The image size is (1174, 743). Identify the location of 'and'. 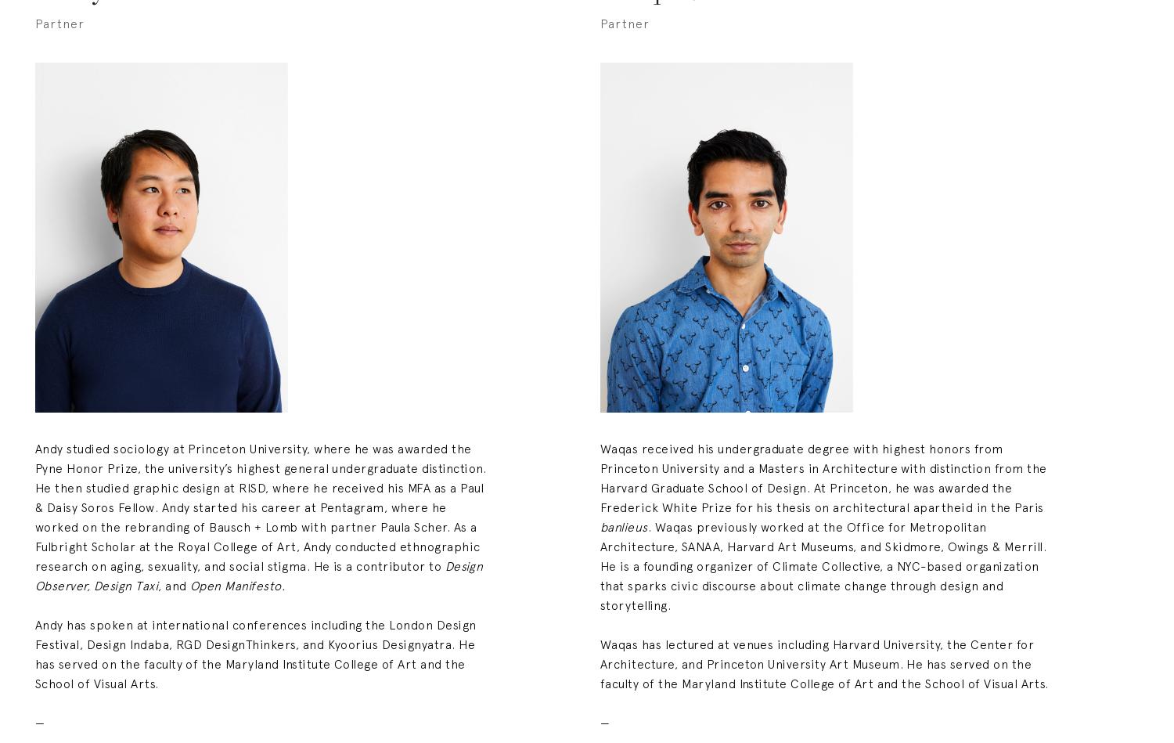
(174, 584).